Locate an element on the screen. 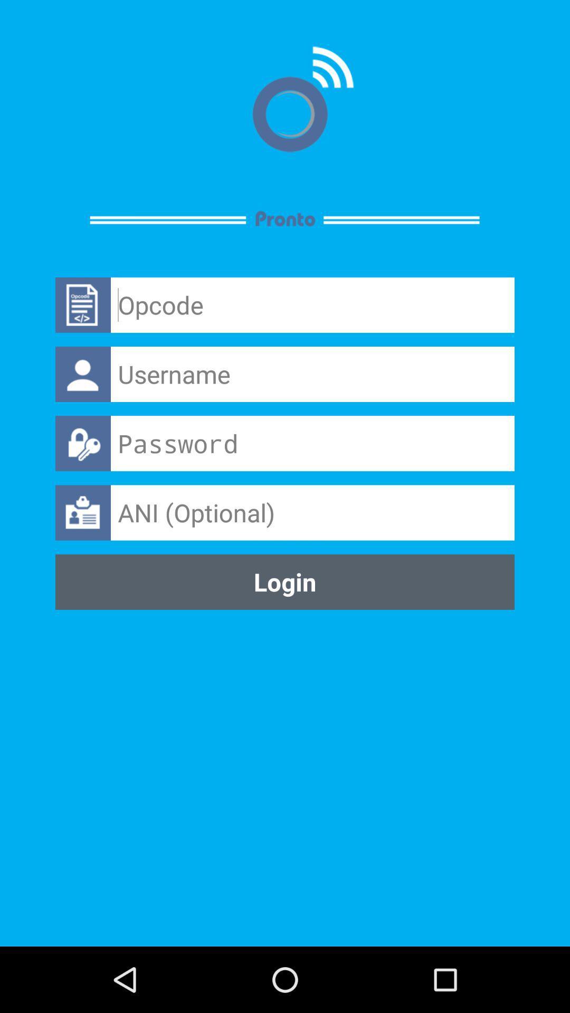  your password is located at coordinates (312, 443).